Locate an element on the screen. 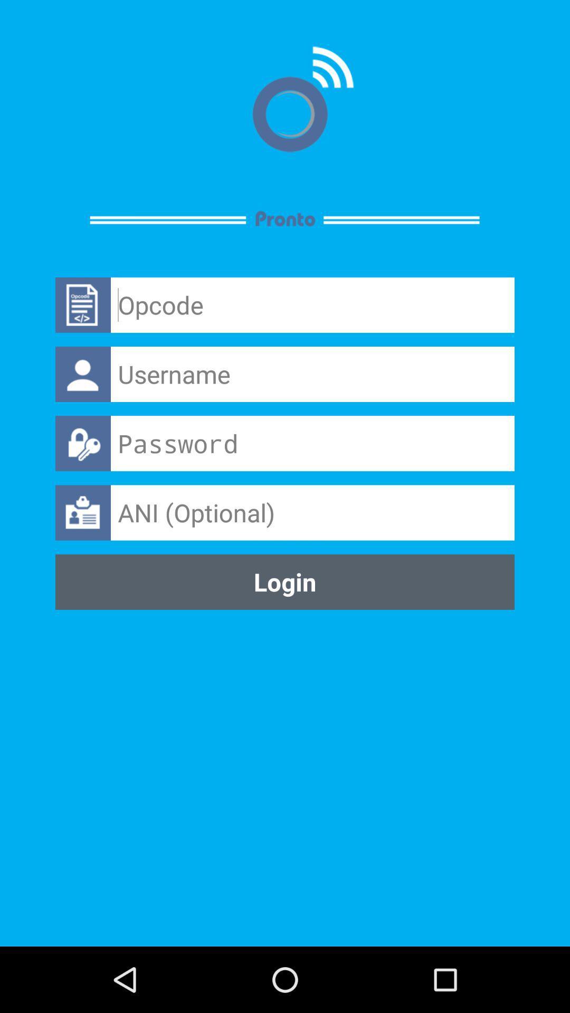  your password is located at coordinates (312, 443).